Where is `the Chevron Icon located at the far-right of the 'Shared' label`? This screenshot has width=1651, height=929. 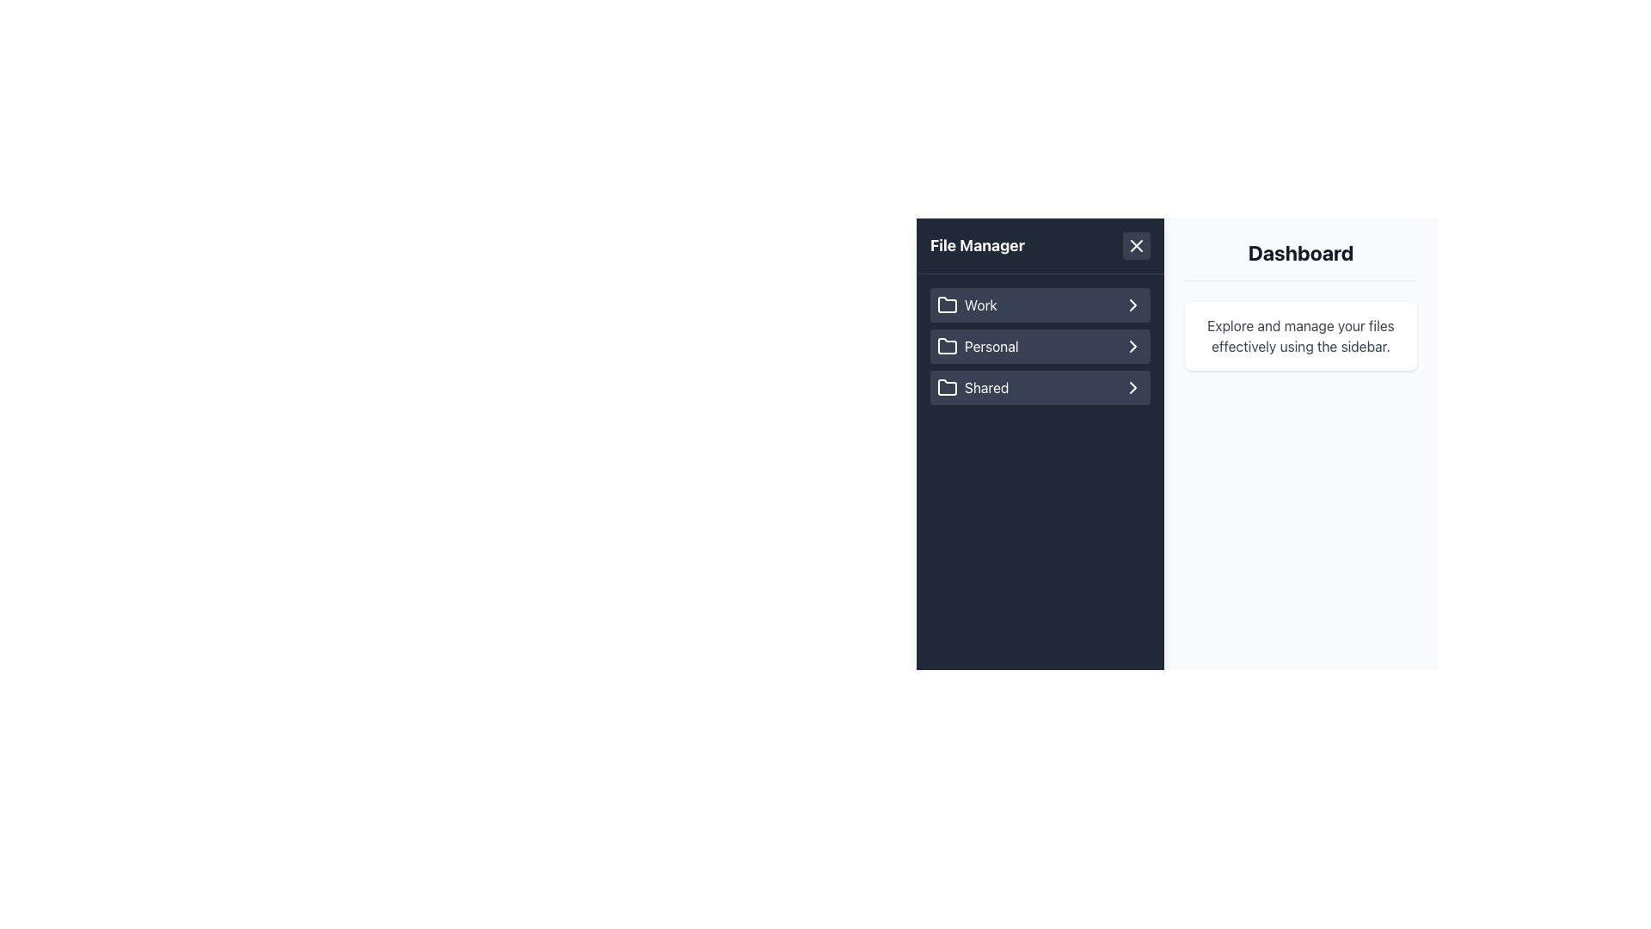 the Chevron Icon located at the far-right of the 'Shared' label is located at coordinates (1133, 388).